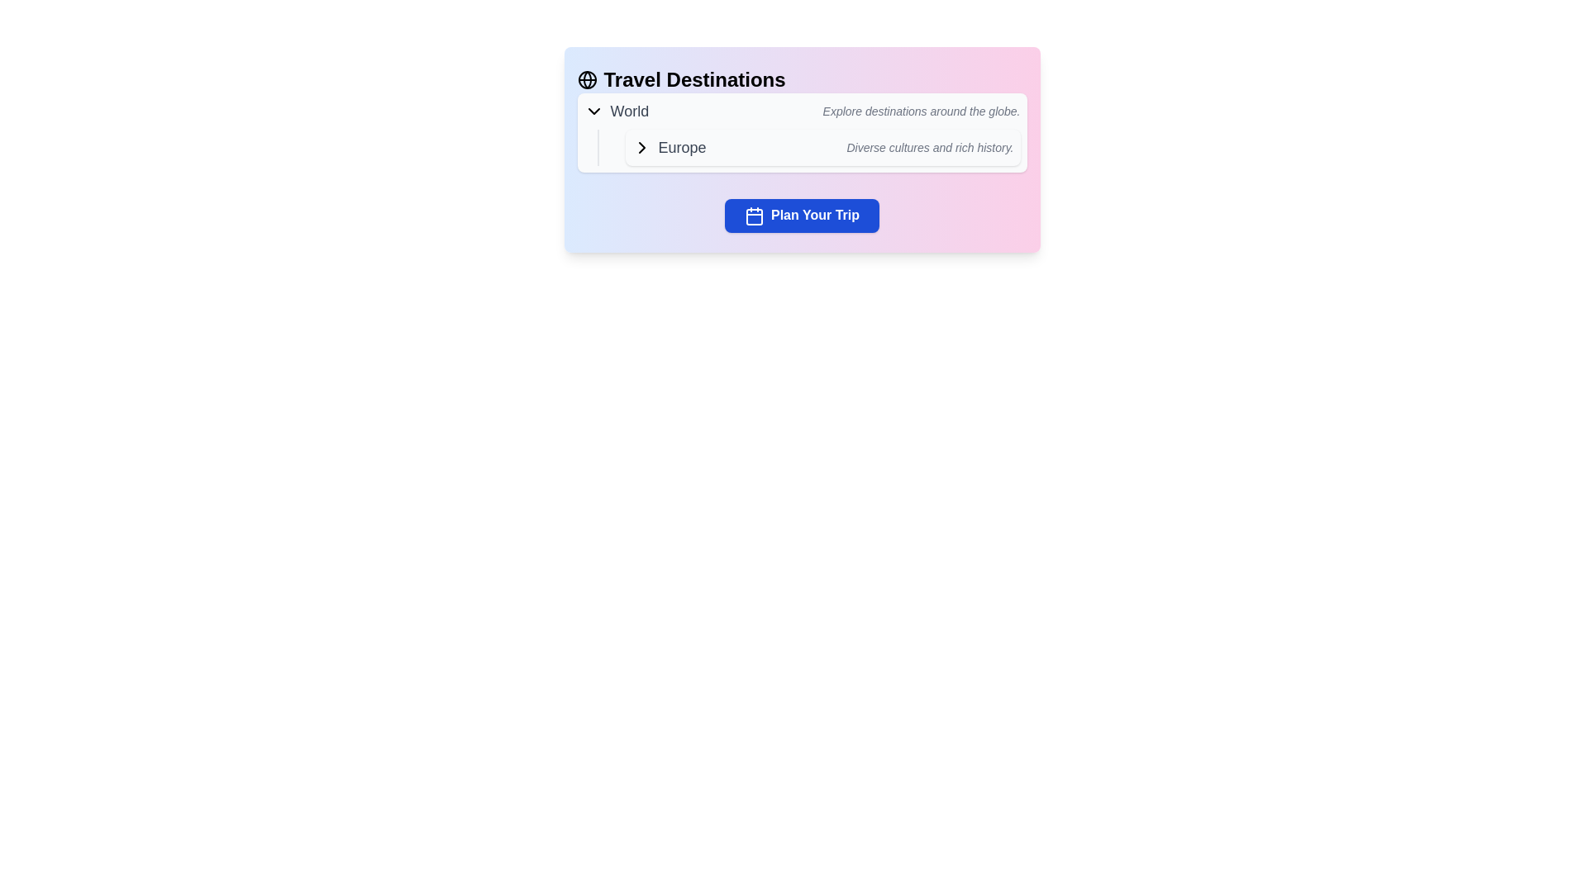 This screenshot has width=1587, height=892. What do you see at coordinates (641, 146) in the screenshot?
I see `the directional indicator icon located to the right of the 'Europe' label` at bounding box center [641, 146].